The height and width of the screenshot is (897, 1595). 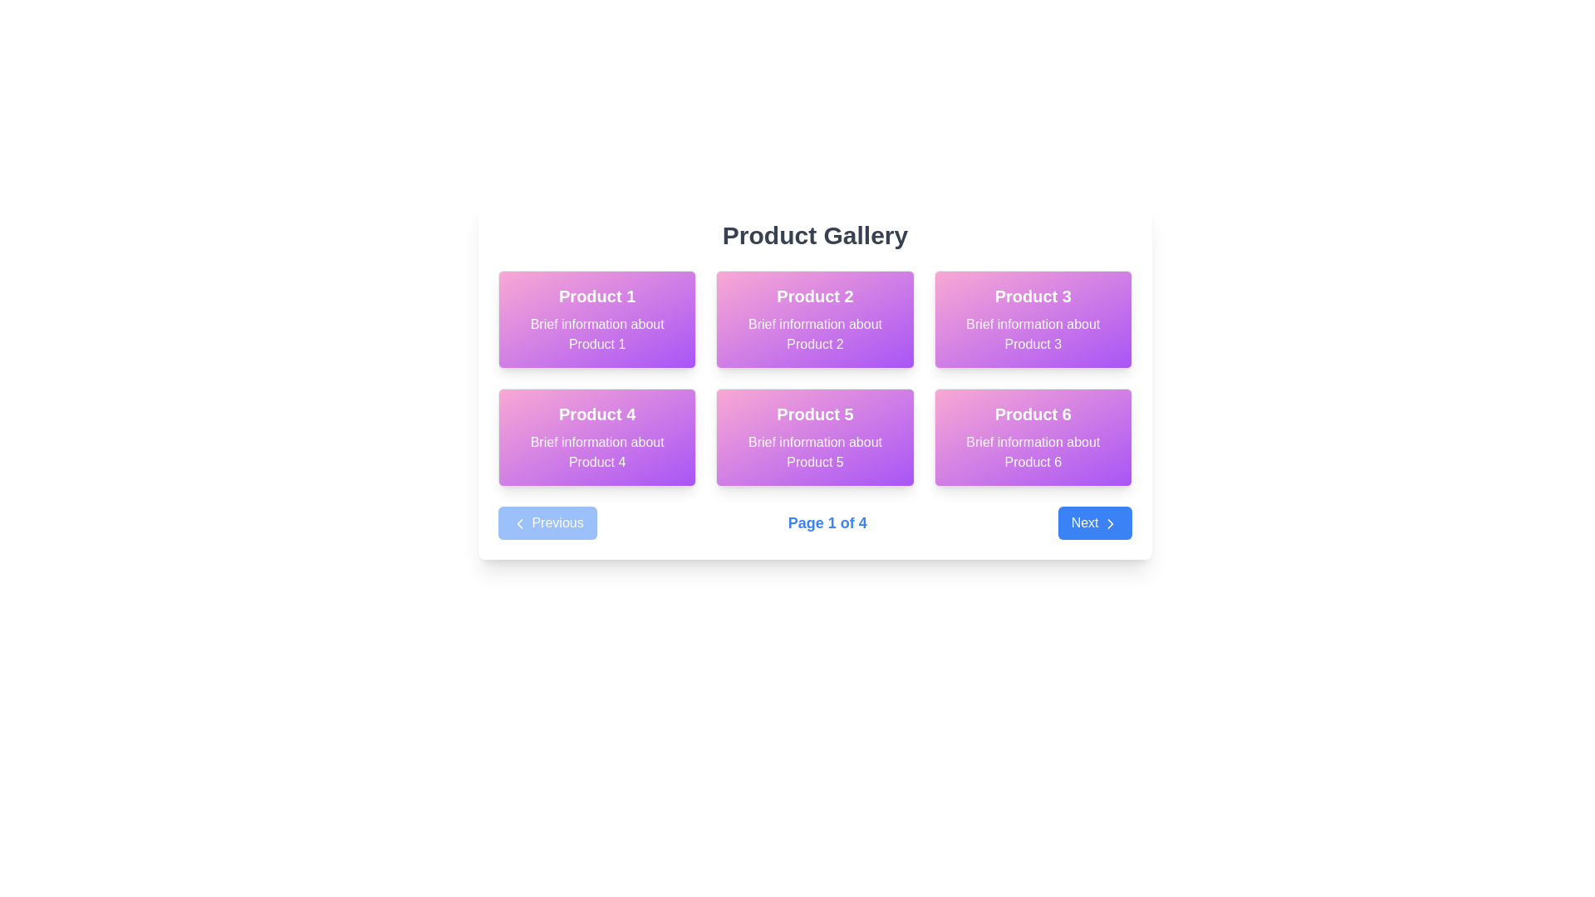 What do you see at coordinates (597, 413) in the screenshot?
I see `the static text label 'Product 4' which serves as the title for the product displayed in the second card of the product gallery` at bounding box center [597, 413].